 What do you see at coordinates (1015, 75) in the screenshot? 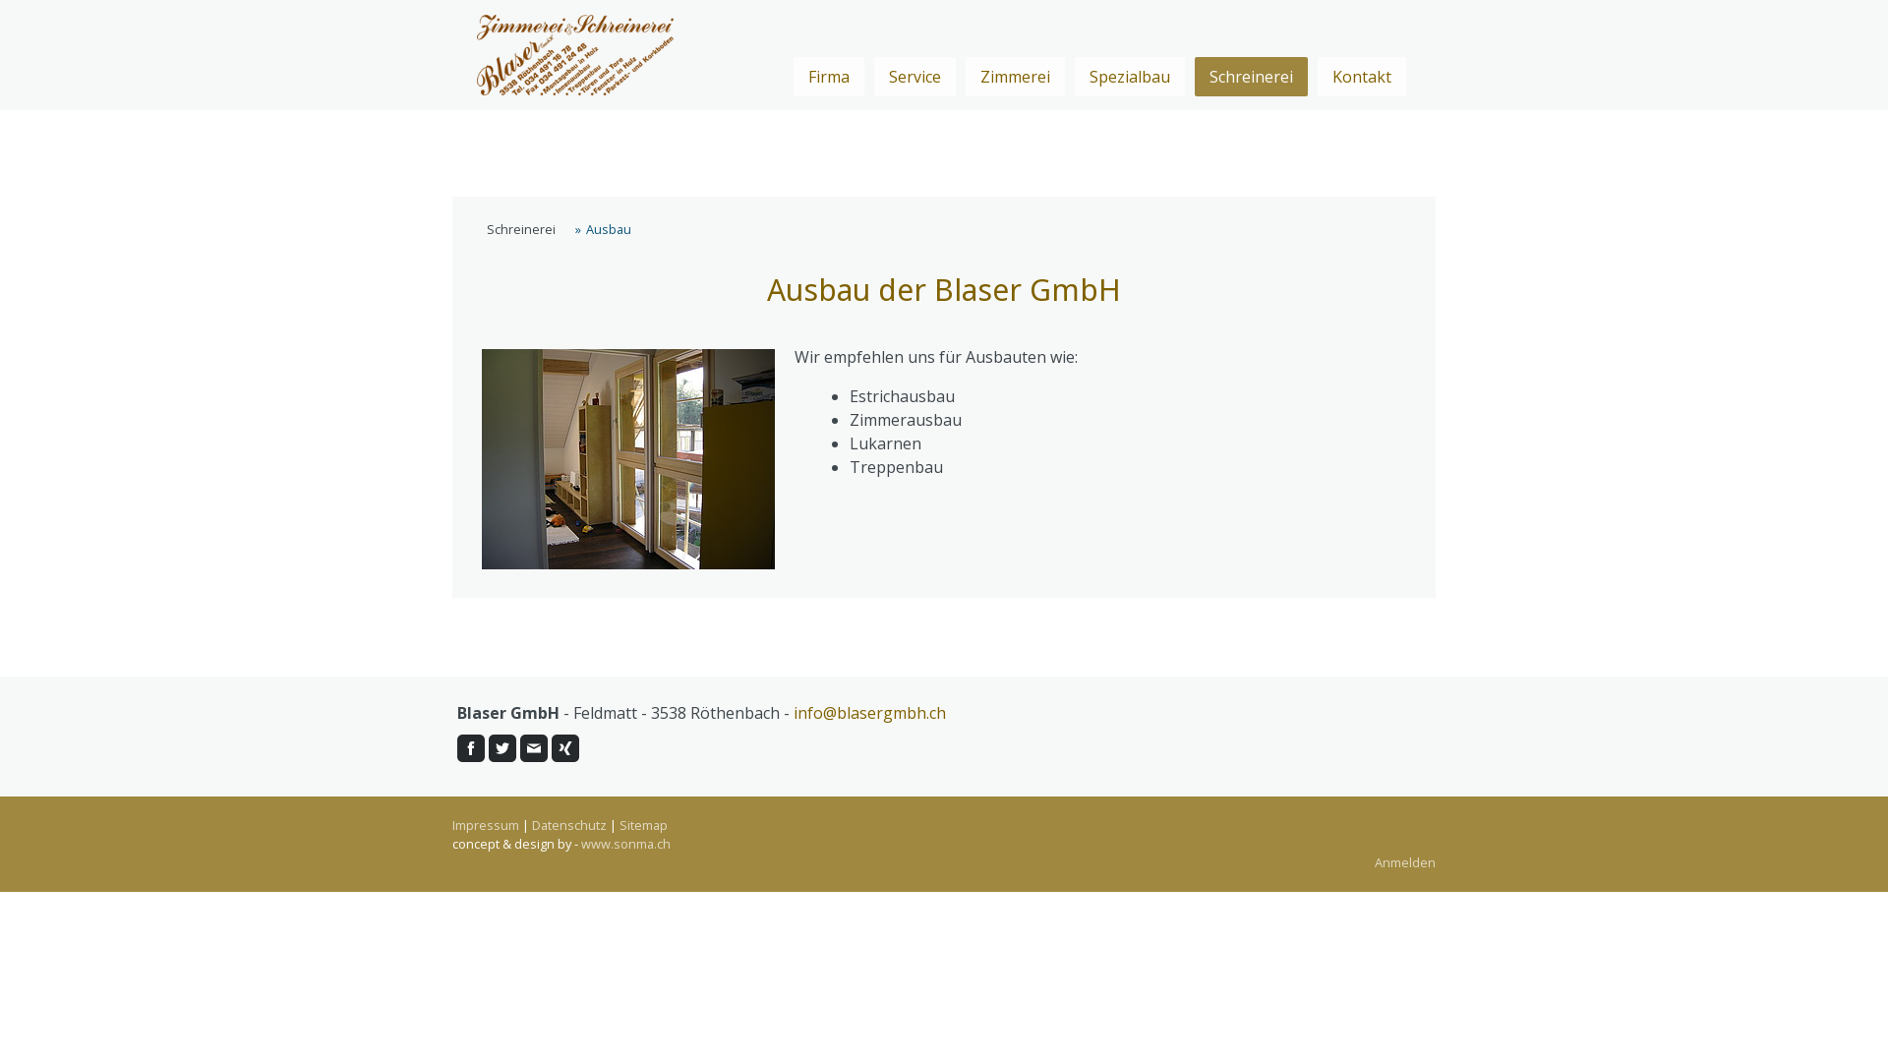
I see `'Zimmerei'` at bounding box center [1015, 75].